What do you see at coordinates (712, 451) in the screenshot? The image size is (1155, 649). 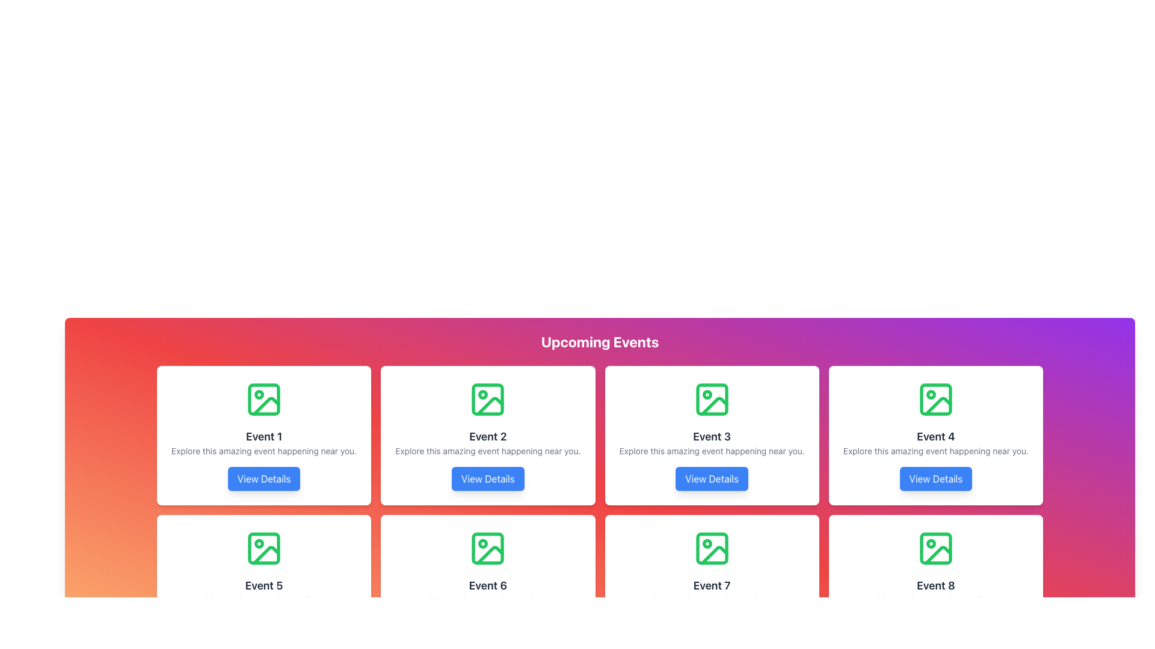 I see `the text element displaying 'Explore this amazing event happening near you.' which is located below 'Event 3' title and above the 'View Details' button in the event card` at bounding box center [712, 451].